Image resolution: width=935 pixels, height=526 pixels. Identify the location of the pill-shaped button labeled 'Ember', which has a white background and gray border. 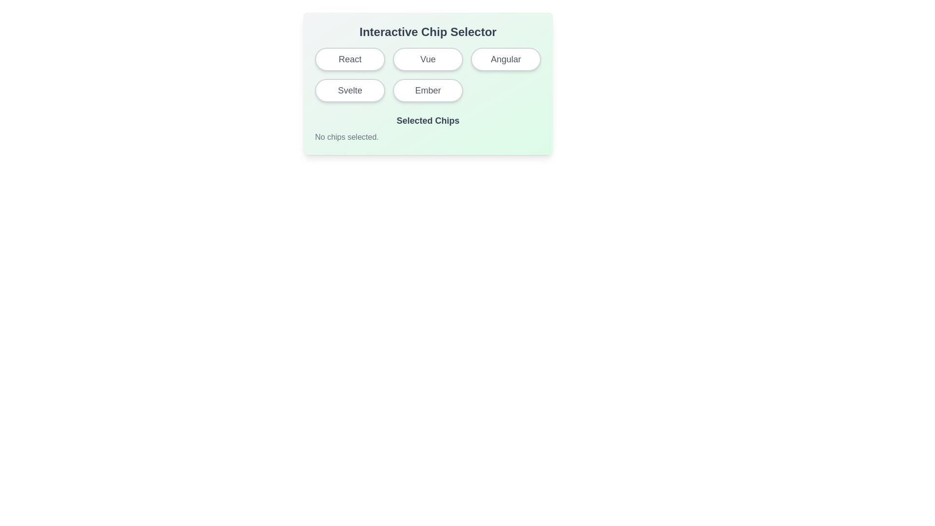
(428, 90).